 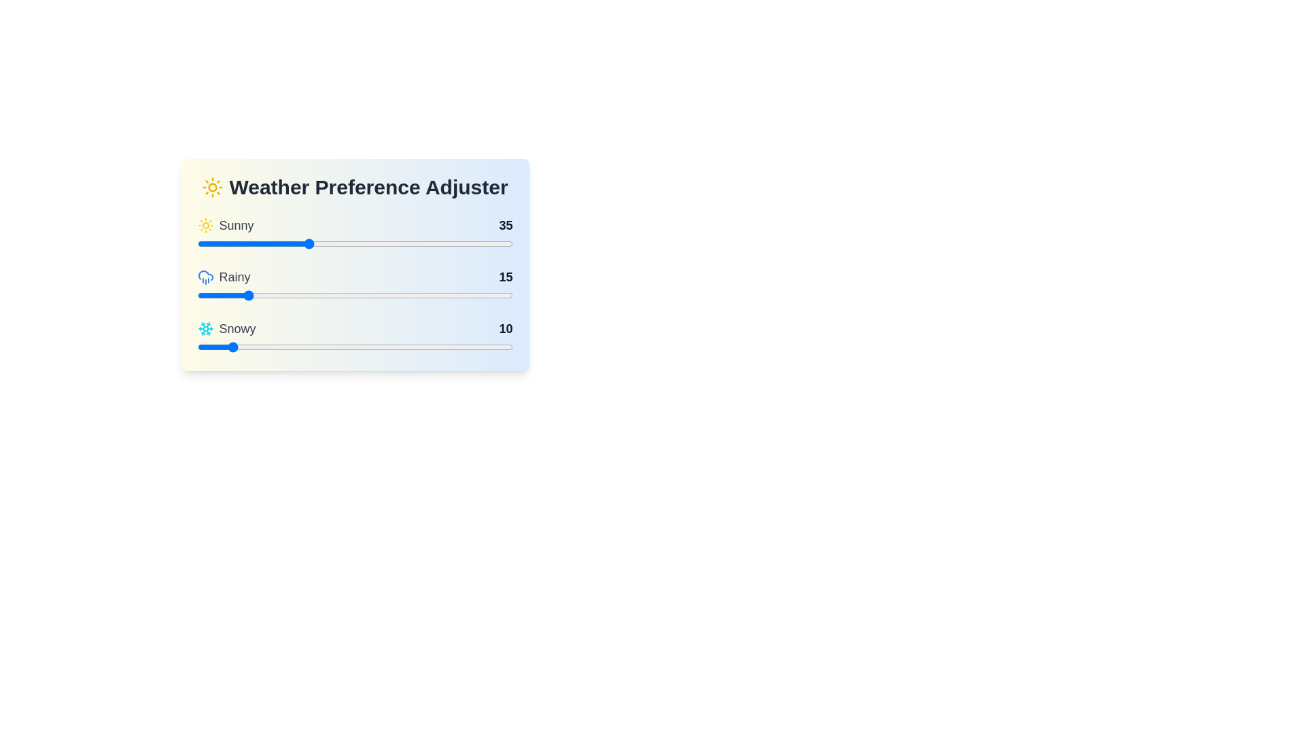 I want to click on the 'Snowy' slider to a value of 21, so click(x=264, y=346).